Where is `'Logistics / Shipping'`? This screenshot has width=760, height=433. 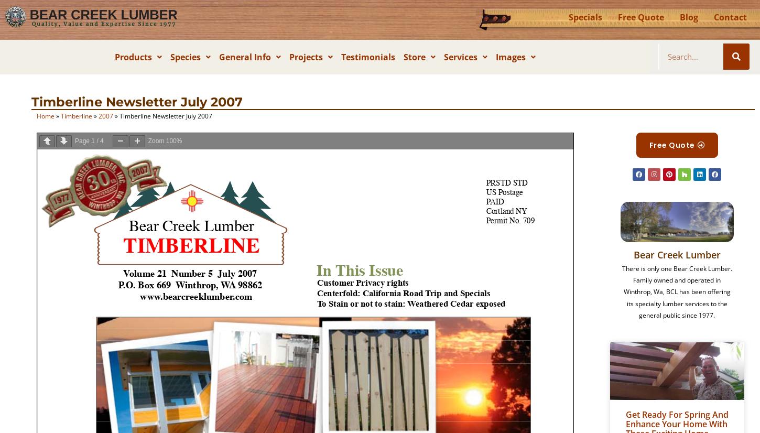
'Logistics / Shipping' is located at coordinates (457, 179).